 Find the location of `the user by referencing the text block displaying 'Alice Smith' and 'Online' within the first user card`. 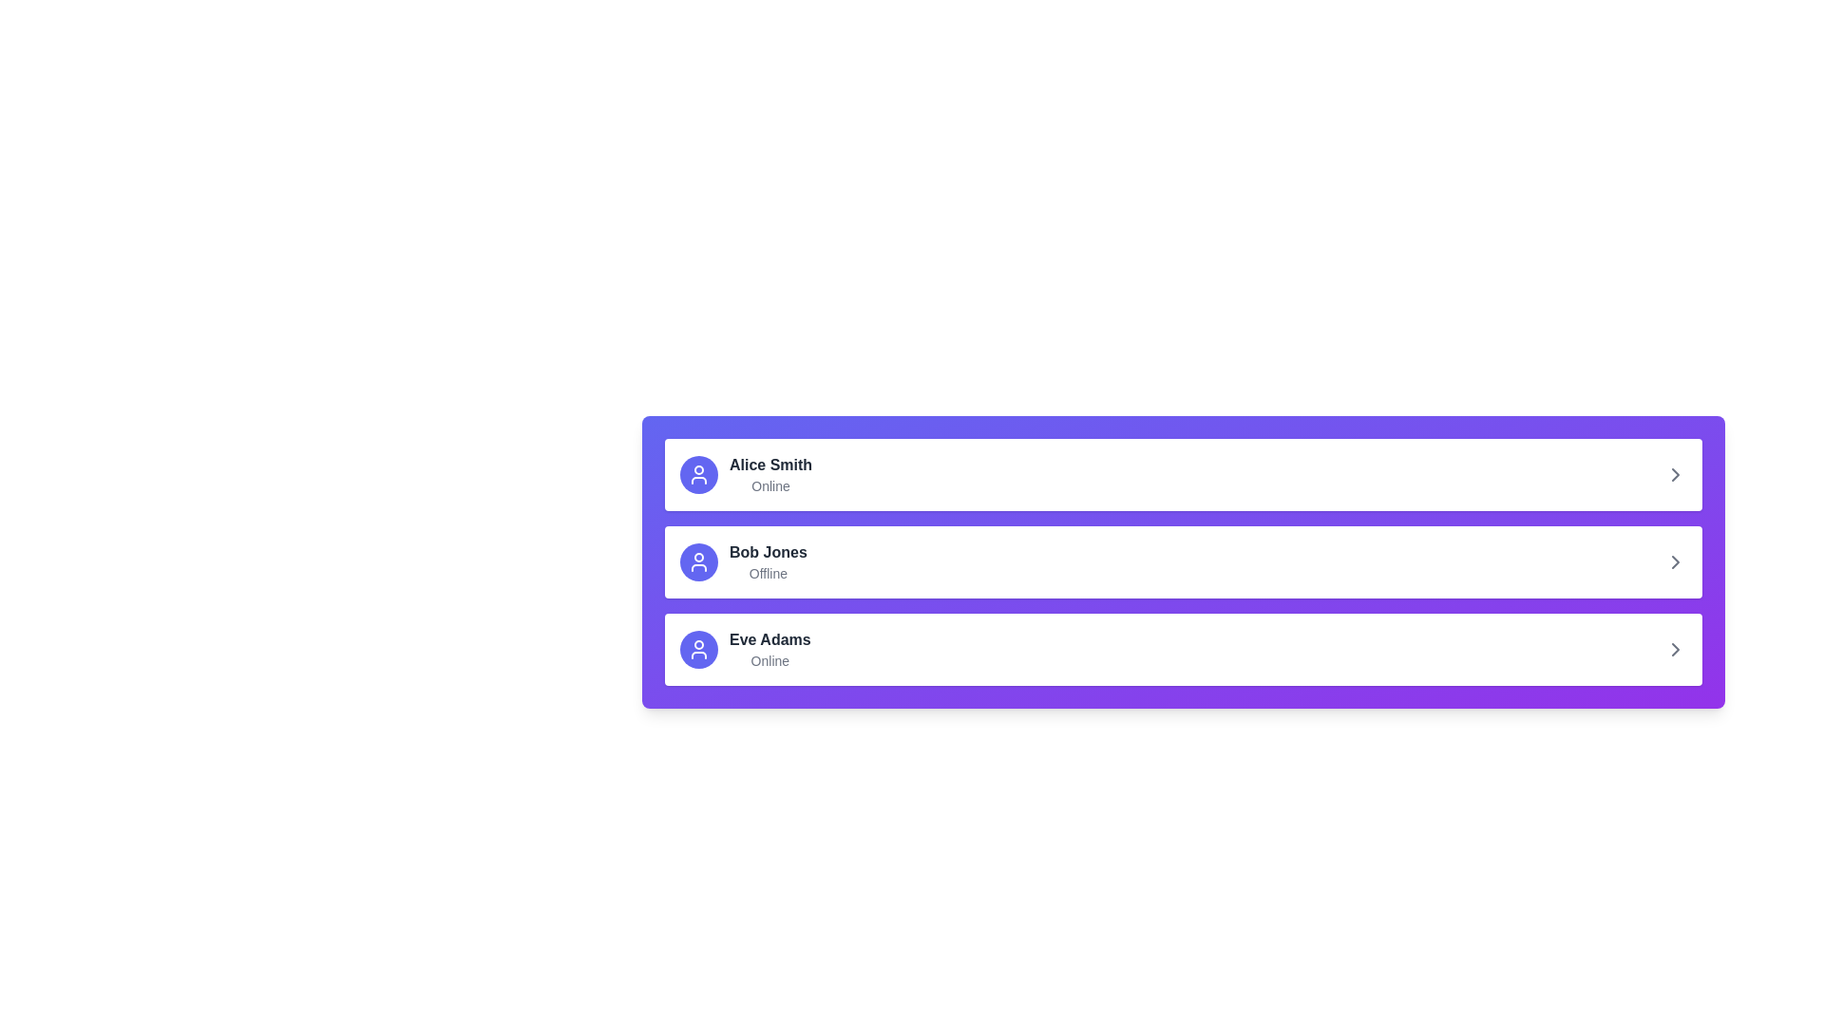

the user by referencing the text block displaying 'Alice Smith' and 'Online' within the first user card is located at coordinates (770, 474).